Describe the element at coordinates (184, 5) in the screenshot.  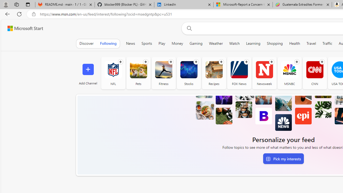
I see `'LinkedIn'` at that location.